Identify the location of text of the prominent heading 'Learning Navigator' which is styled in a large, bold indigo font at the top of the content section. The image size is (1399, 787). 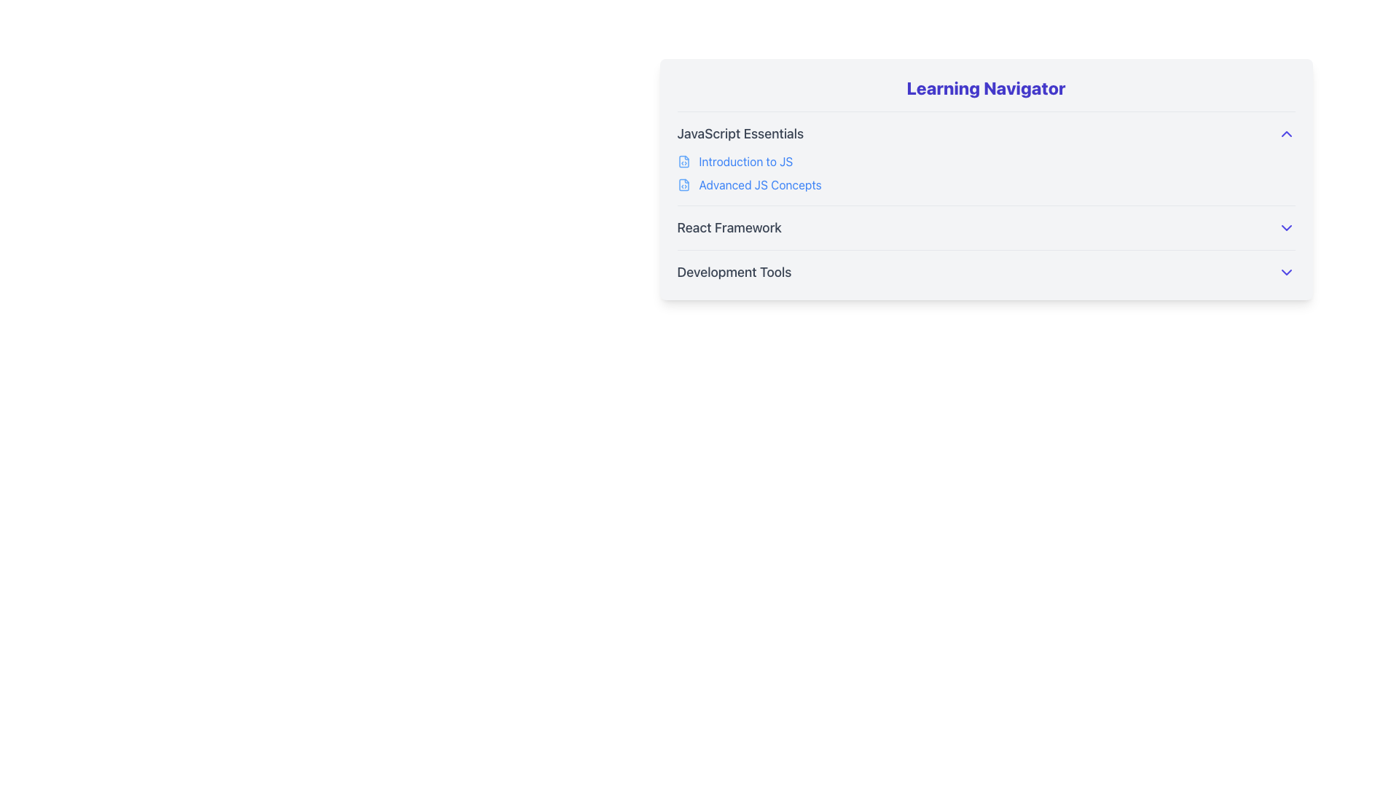
(986, 87).